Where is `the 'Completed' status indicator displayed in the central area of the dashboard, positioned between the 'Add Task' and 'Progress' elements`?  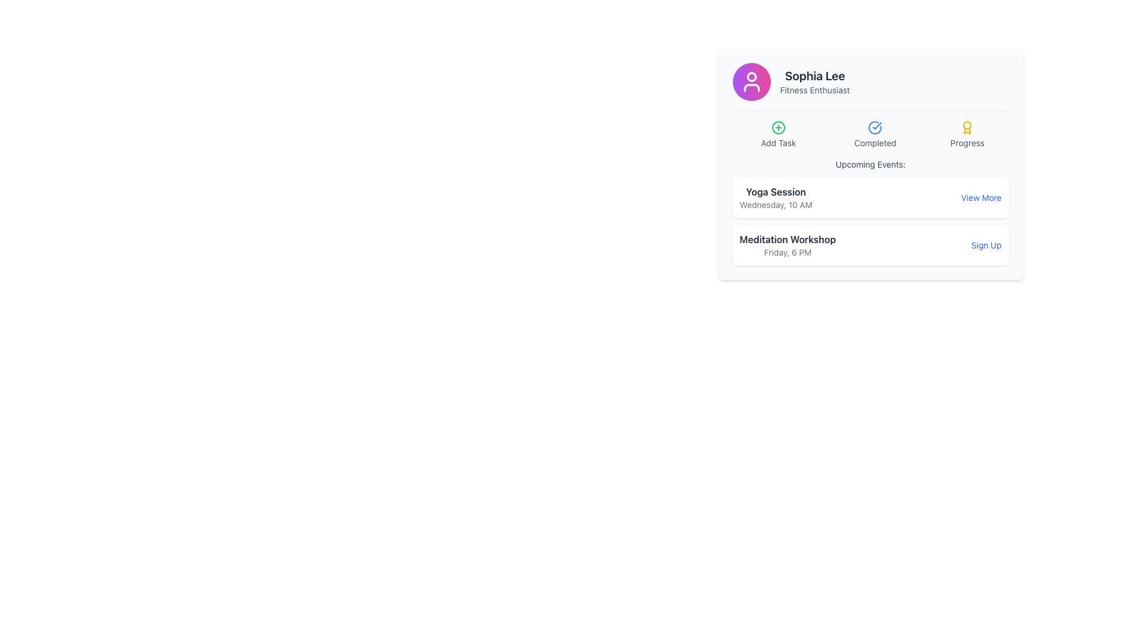
the 'Completed' status indicator displayed in the central area of the dashboard, positioned between the 'Add Task' and 'Progress' elements is located at coordinates (875, 134).